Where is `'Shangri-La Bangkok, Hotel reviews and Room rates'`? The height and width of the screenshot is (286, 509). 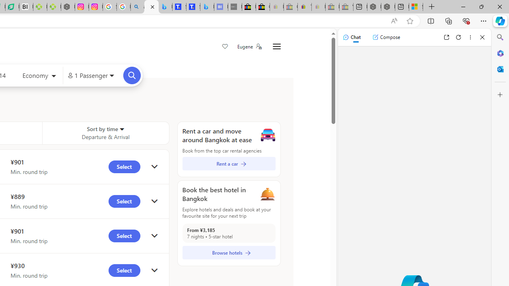 'Shangri-La Bangkok, Hotel reviews and Room rates' is located at coordinates (193, 7).